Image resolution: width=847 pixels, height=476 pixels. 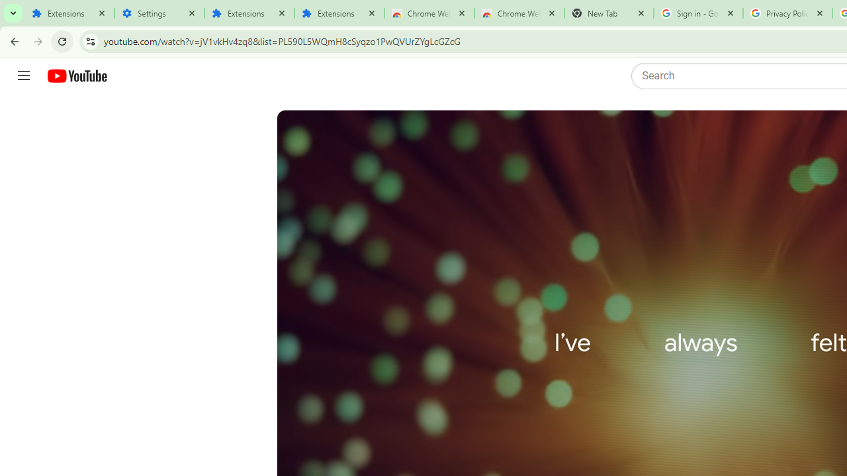 What do you see at coordinates (697, 13) in the screenshot?
I see `'Sign in - Google Accounts'` at bounding box center [697, 13].